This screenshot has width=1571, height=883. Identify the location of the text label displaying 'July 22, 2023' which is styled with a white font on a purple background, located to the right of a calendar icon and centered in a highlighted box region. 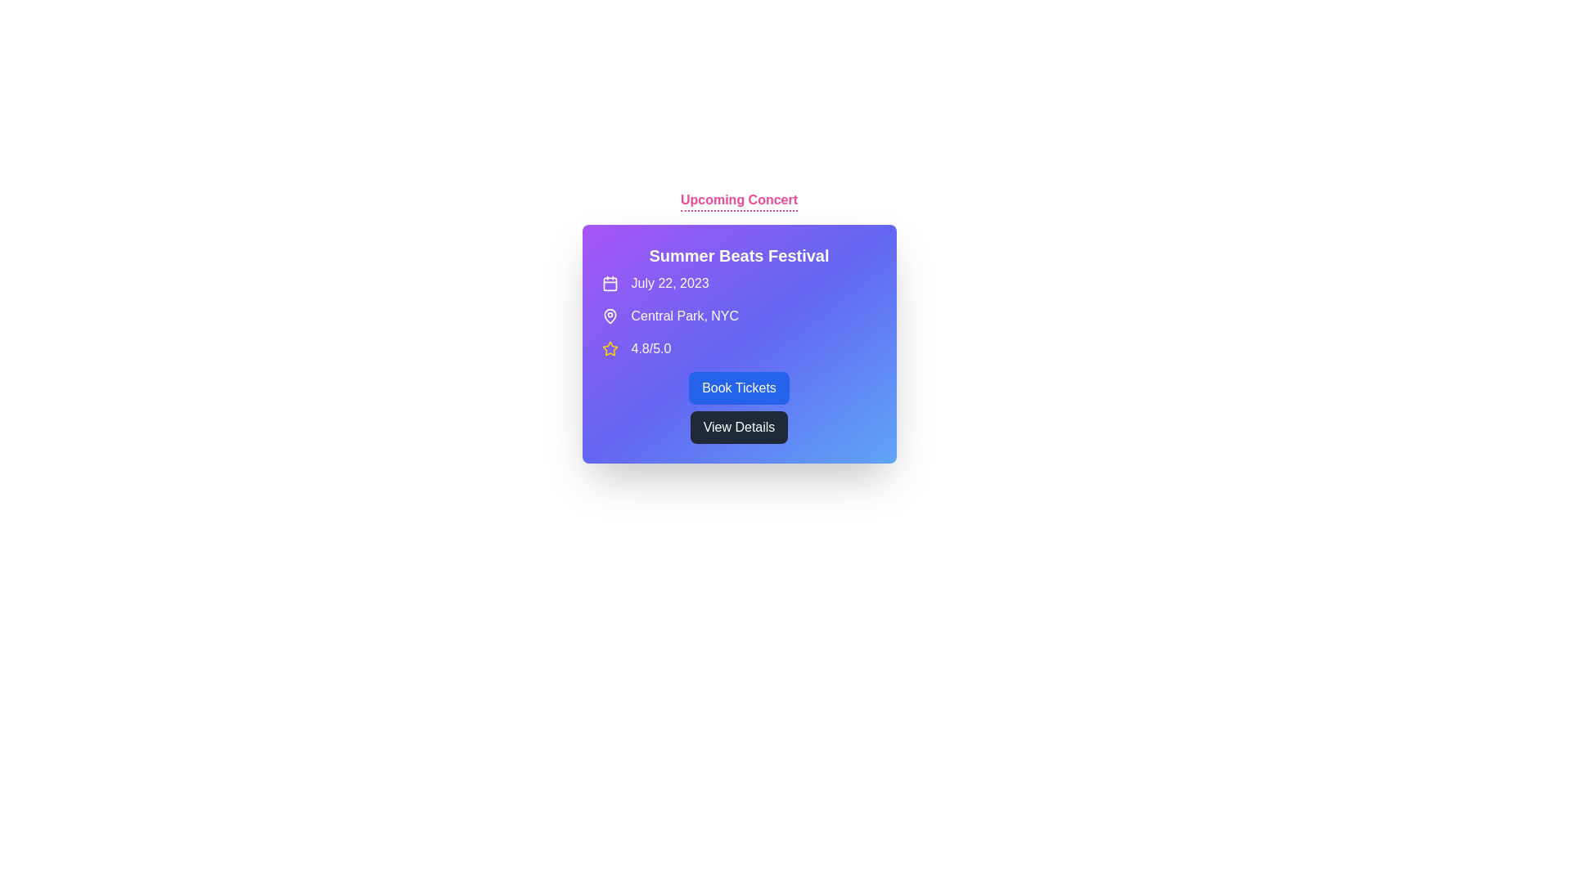
(670, 283).